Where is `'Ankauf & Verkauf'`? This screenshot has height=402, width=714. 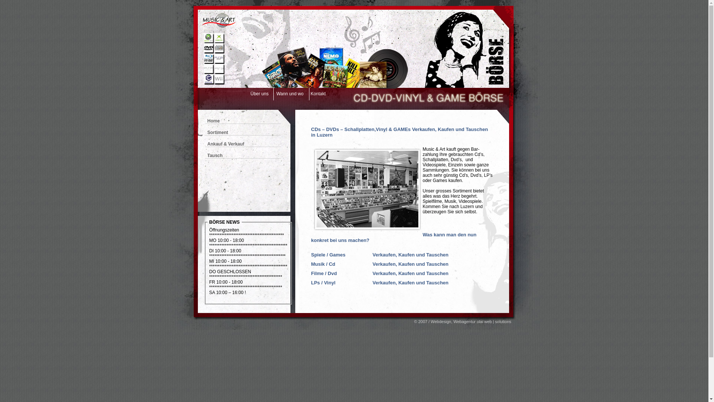
'Ankauf & Verkauf' is located at coordinates (225, 144).